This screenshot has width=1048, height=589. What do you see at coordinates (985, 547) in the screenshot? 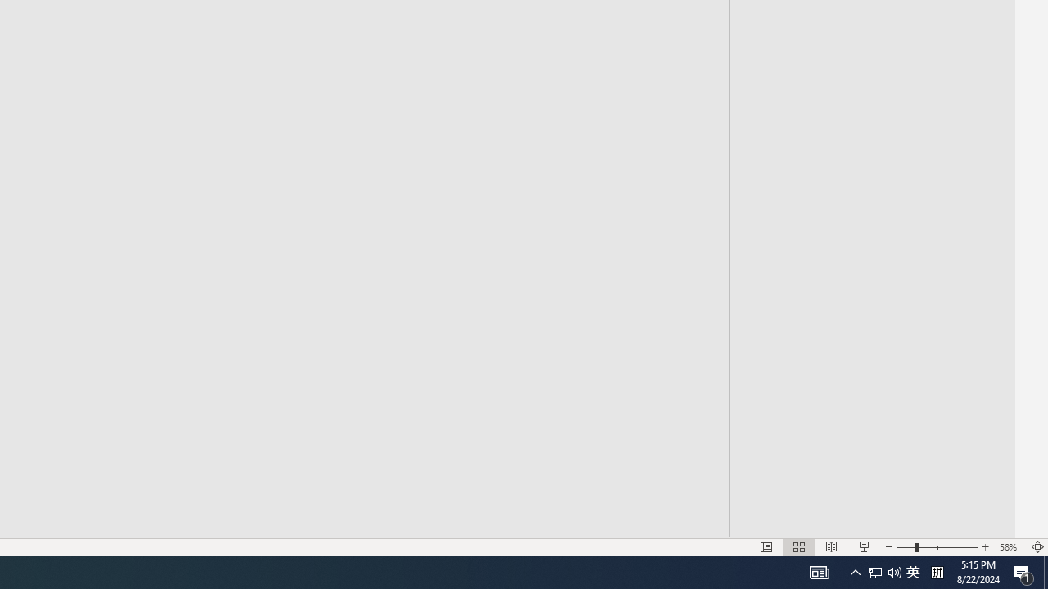
I see `'Zoom In'` at bounding box center [985, 547].